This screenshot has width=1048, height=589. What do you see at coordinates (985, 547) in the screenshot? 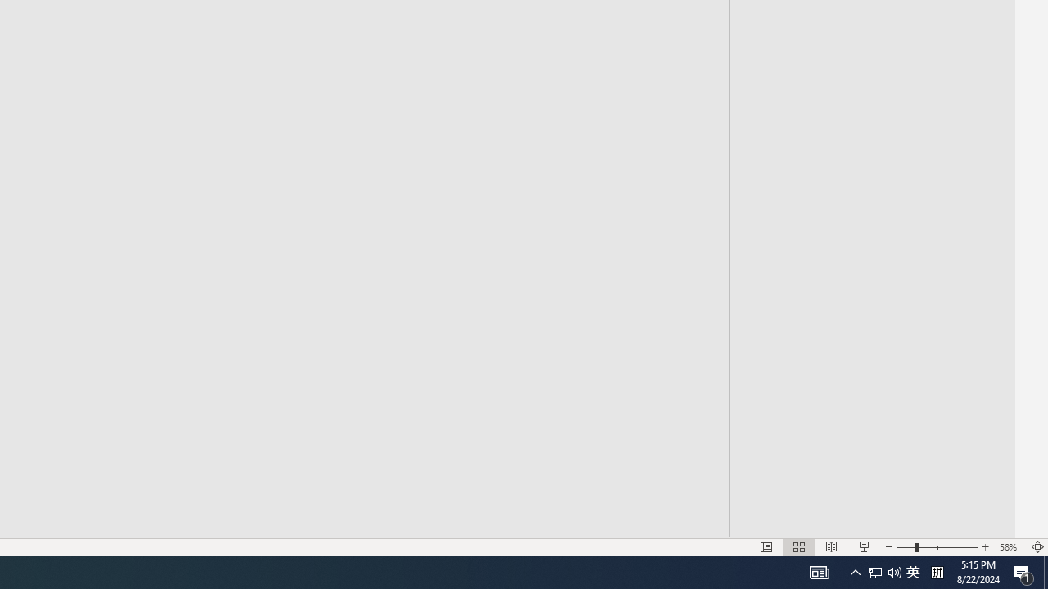
I see `'Zoom In'` at bounding box center [985, 547].